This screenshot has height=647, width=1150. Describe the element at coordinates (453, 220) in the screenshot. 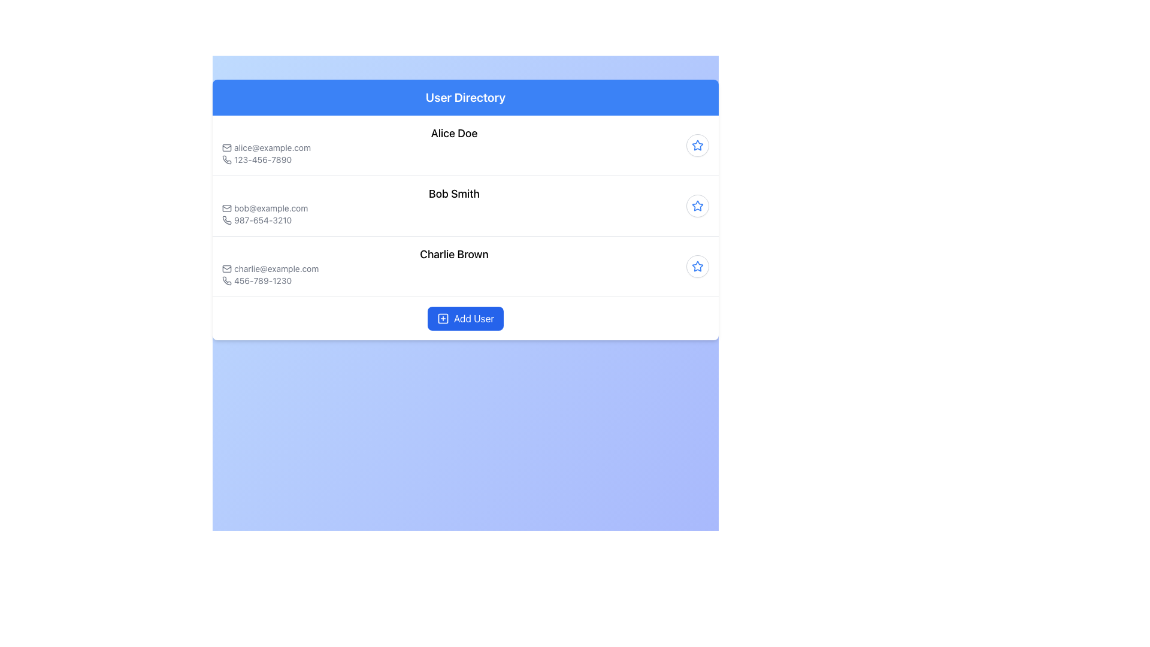

I see `the text label displaying the phone number '987-654-3210'` at that location.